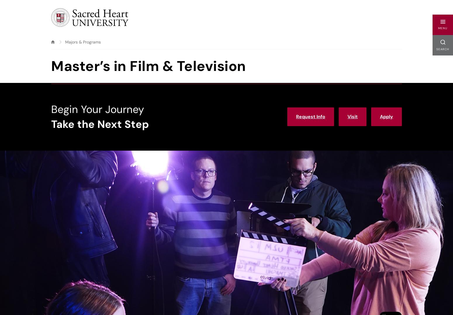 Image resolution: width=453 pixels, height=315 pixels. I want to click on 'Apply', so click(386, 116).